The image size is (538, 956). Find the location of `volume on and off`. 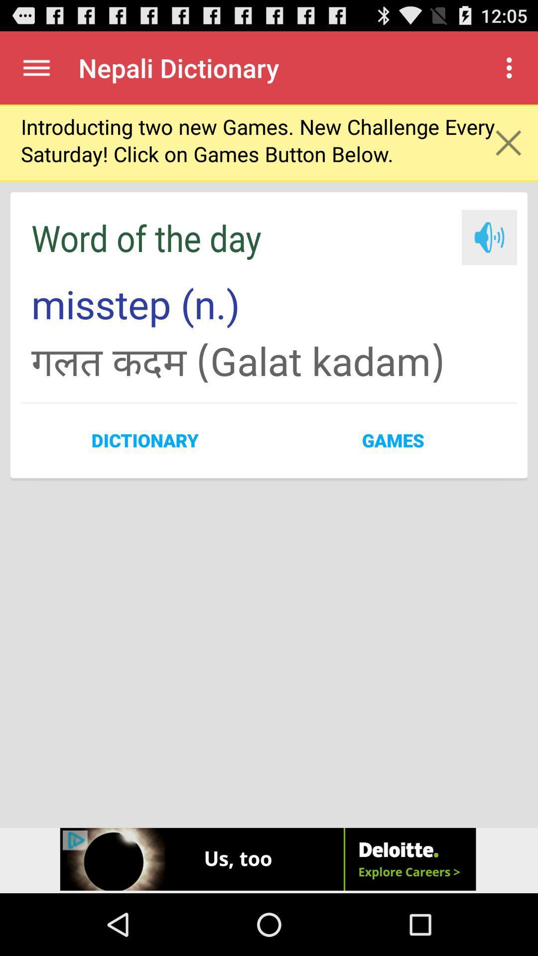

volume on and off is located at coordinates (489, 237).